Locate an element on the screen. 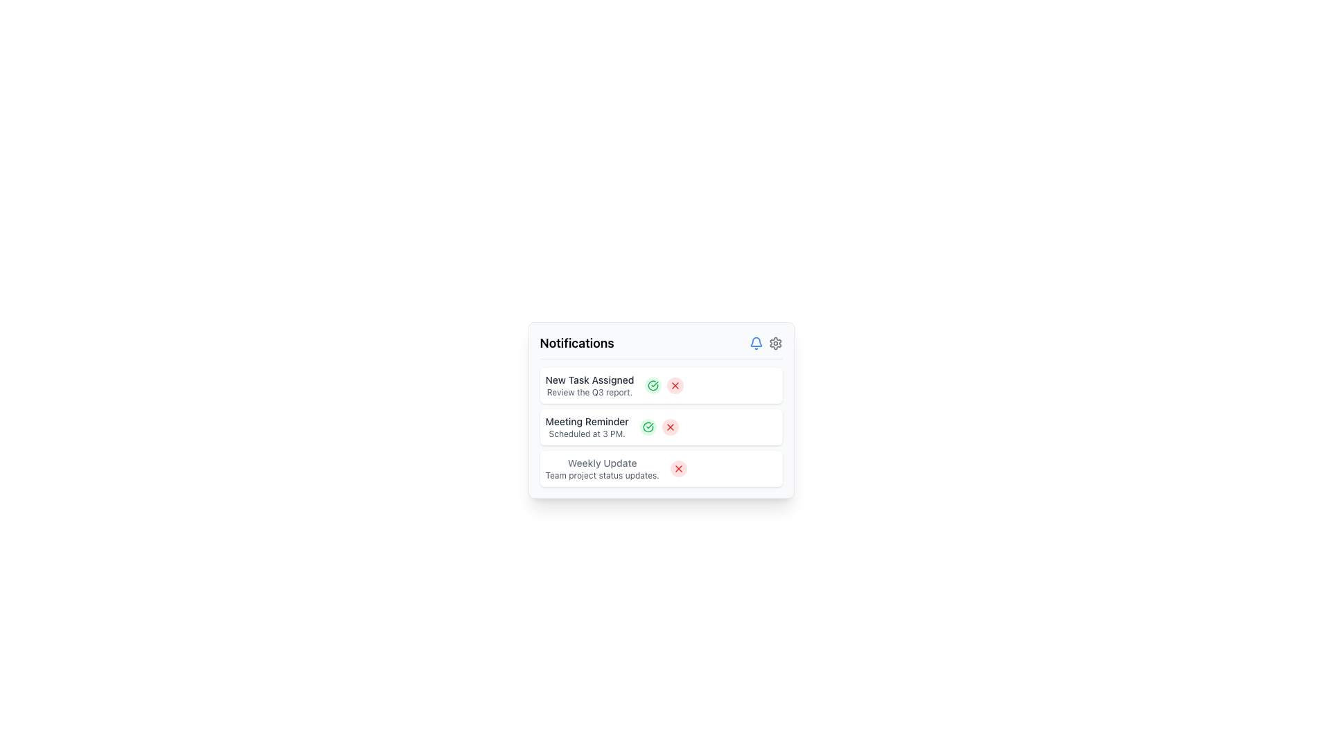 This screenshot has width=1330, height=748. text 'Weekly Update' from the title of the third notification block in the Notifications list to understand the notification topic is located at coordinates (602, 463).